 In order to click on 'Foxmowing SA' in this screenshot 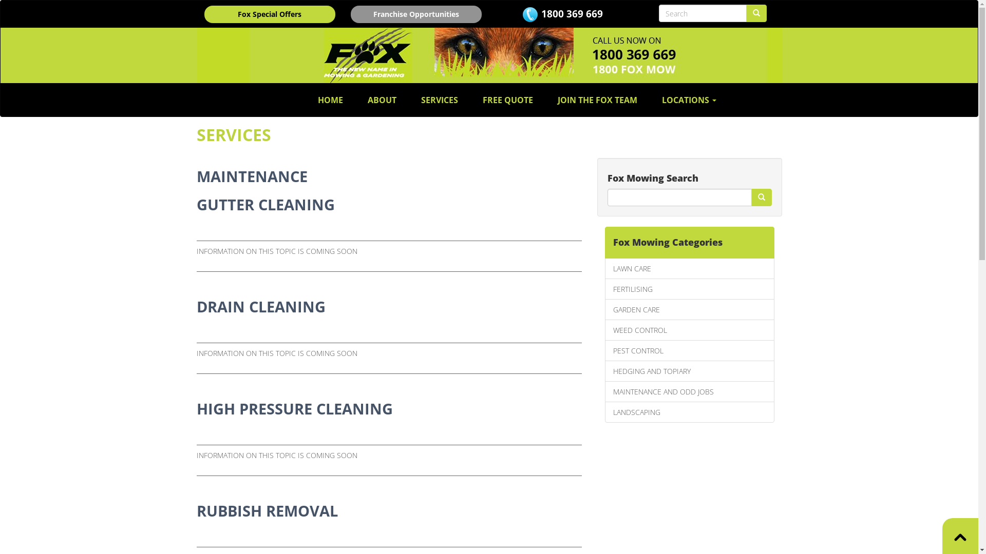, I will do `click(488, 55)`.